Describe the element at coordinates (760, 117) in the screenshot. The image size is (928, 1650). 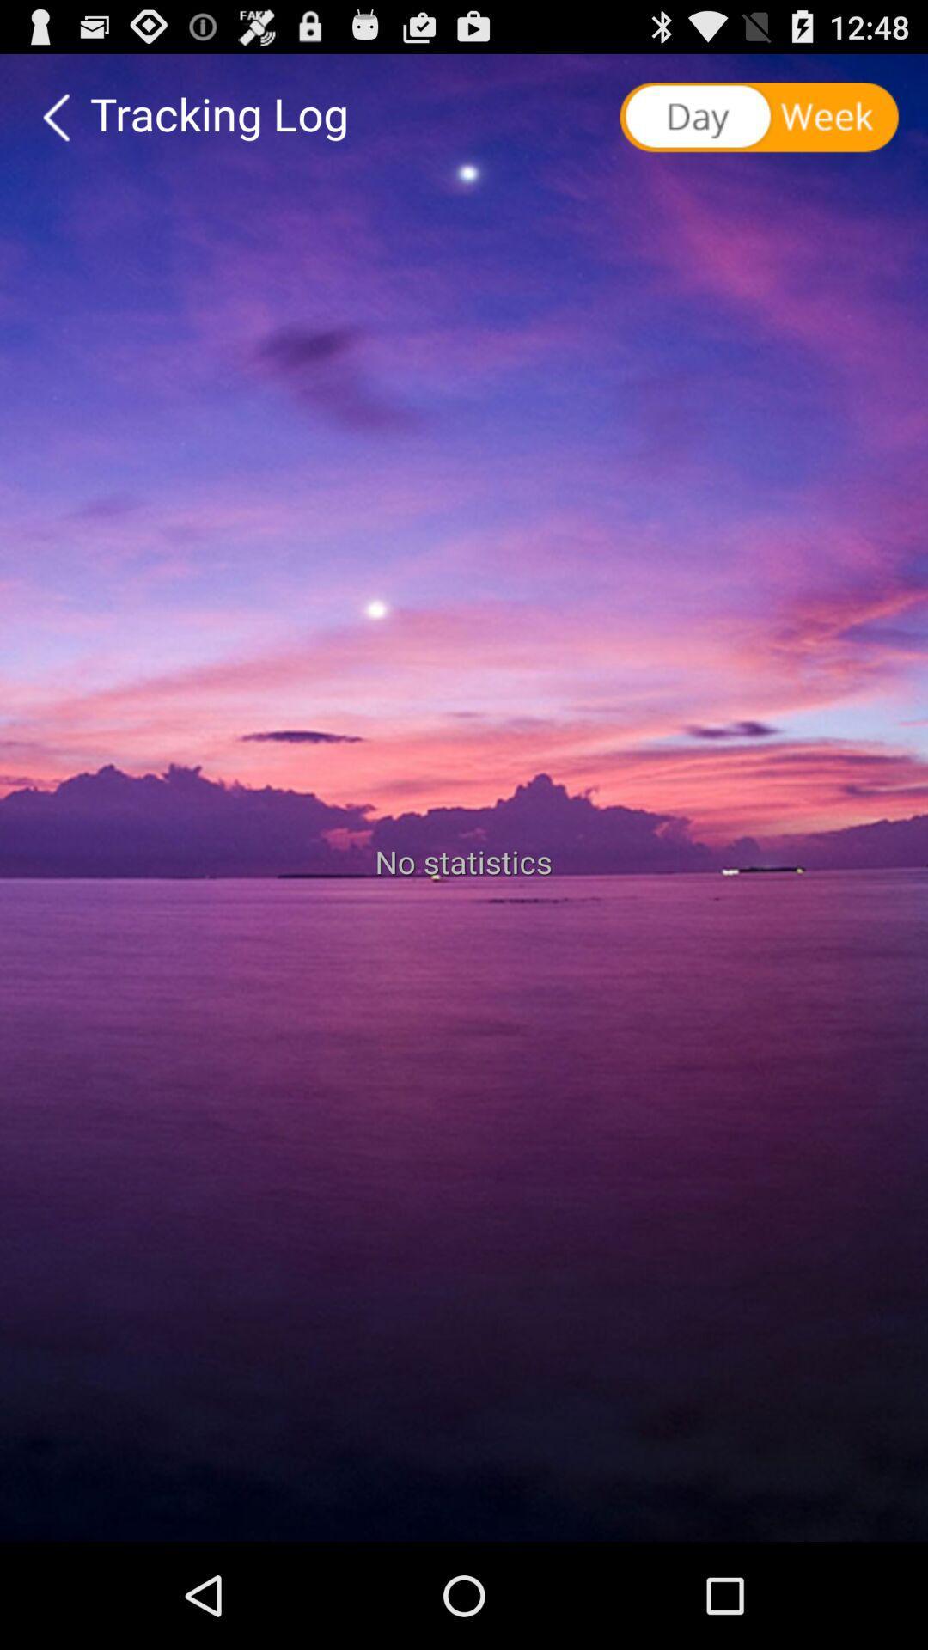
I see `tag the day or week` at that location.